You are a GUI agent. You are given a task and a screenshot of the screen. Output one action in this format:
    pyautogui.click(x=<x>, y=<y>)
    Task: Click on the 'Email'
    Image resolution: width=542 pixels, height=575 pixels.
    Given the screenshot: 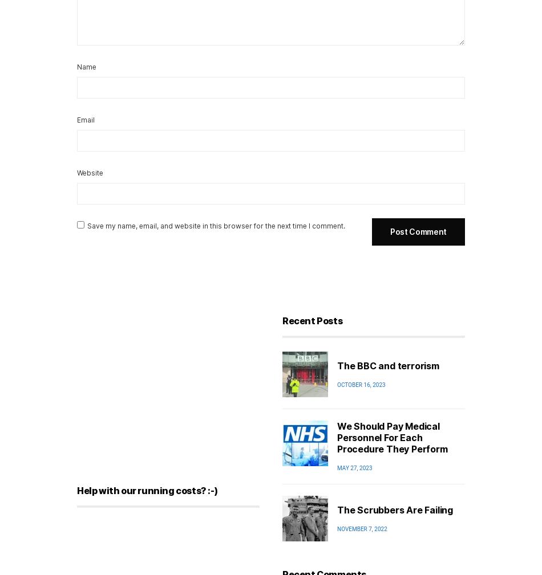 What is the action you would take?
    pyautogui.click(x=76, y=119)
    